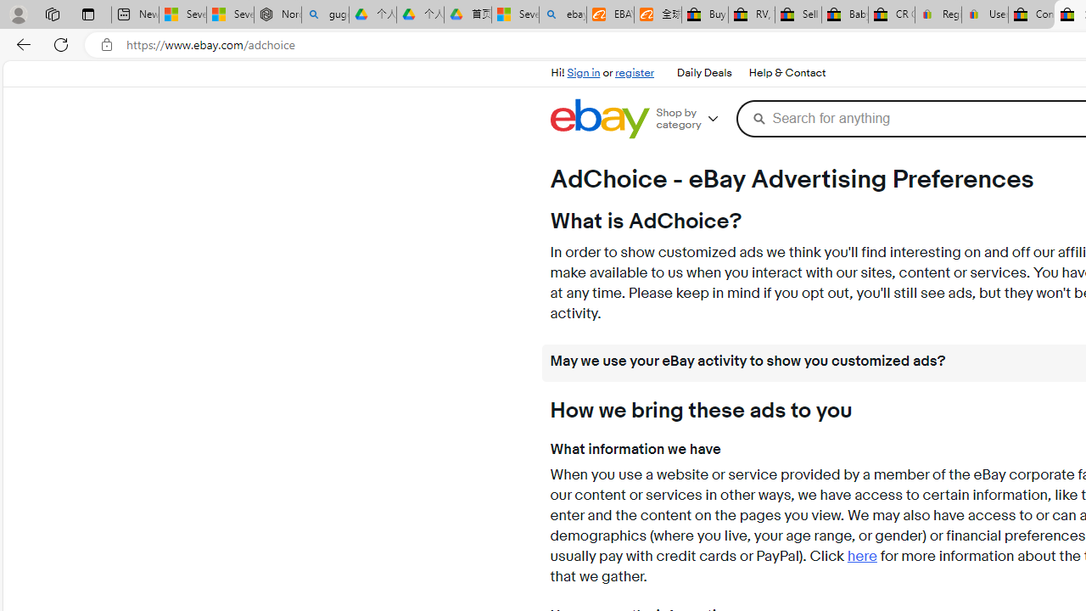 The width and height of the screenshot is (1086, 611). I want to click on 'Daily Deals', so click(703, 72).